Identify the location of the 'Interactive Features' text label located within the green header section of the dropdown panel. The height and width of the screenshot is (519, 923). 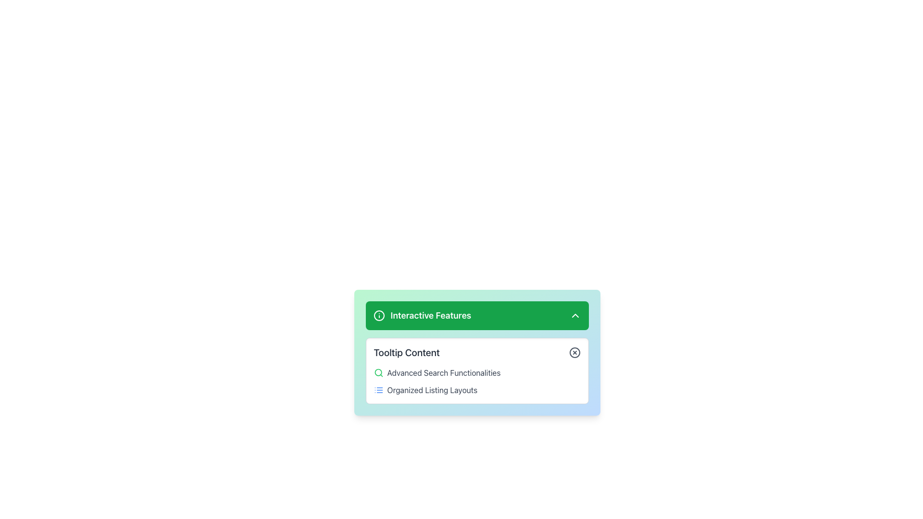
(422, 315).